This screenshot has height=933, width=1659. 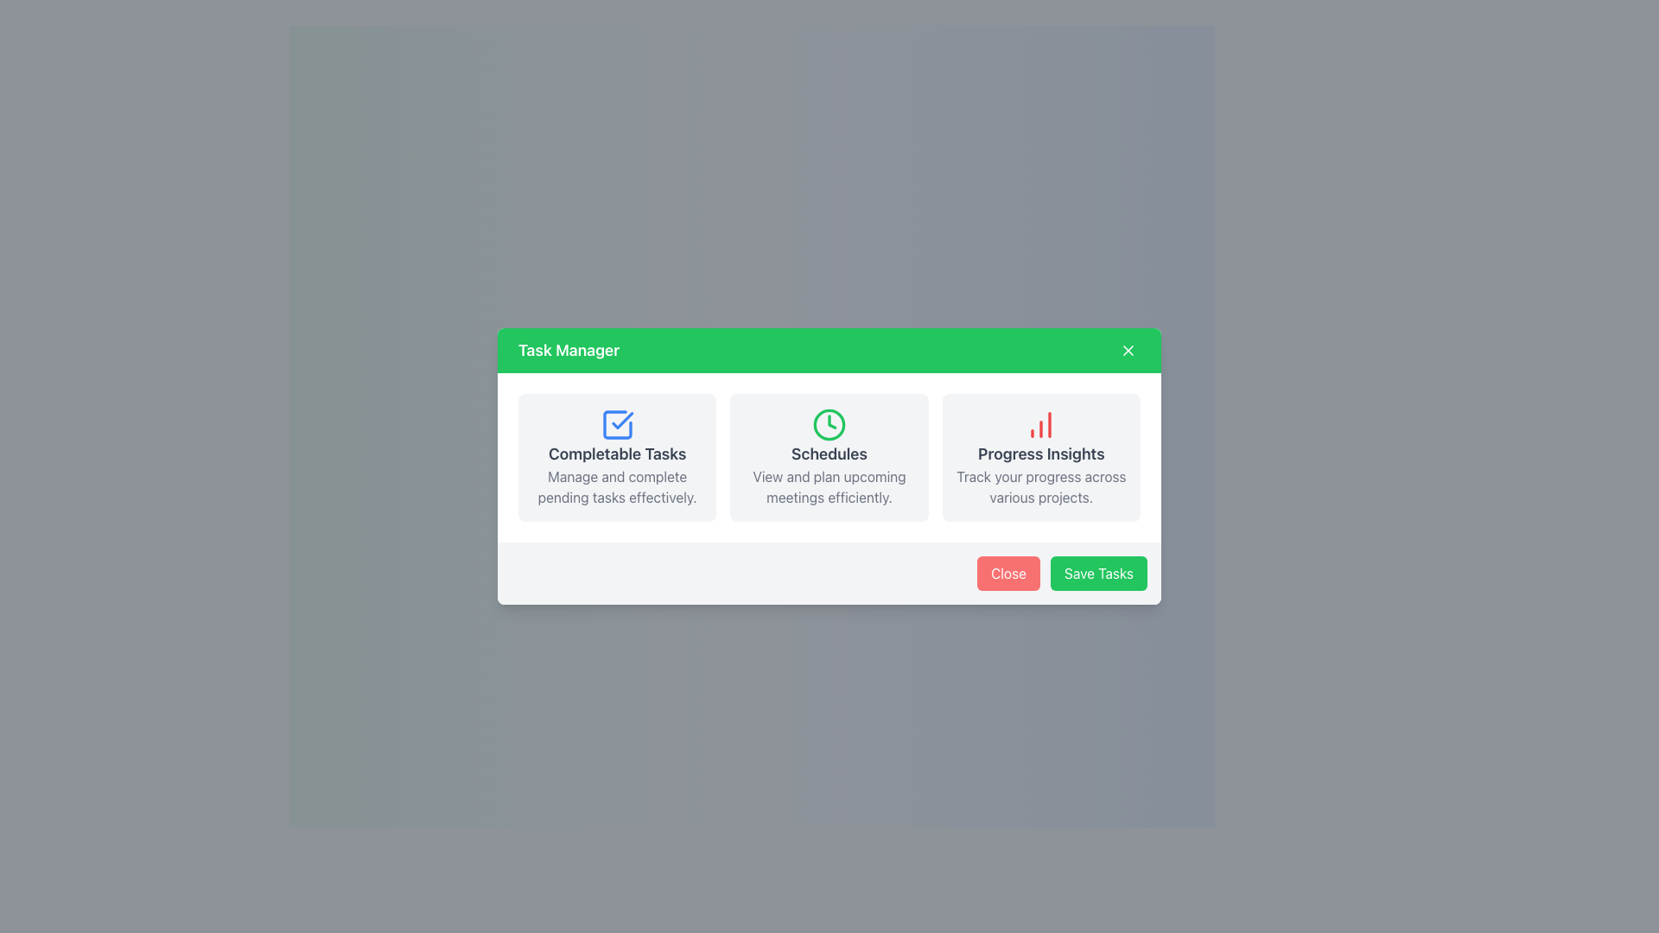 I want to click on the 'Task Manager' static text label element, which acts as a title in the green header bar at the top of the interface, so click(x=569, y=350).